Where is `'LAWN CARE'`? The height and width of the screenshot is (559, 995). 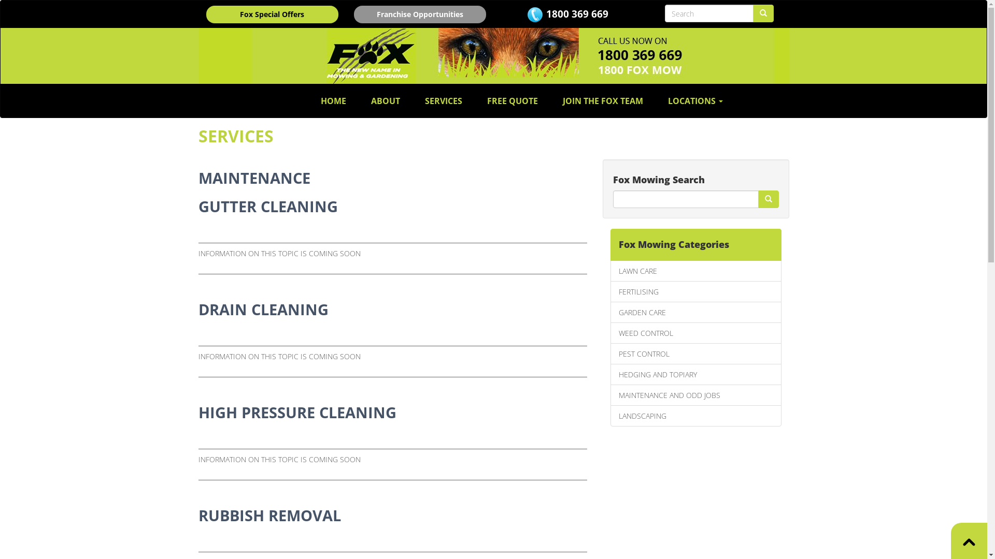 'LAWN CARE' is located at coordinates (696, 270).